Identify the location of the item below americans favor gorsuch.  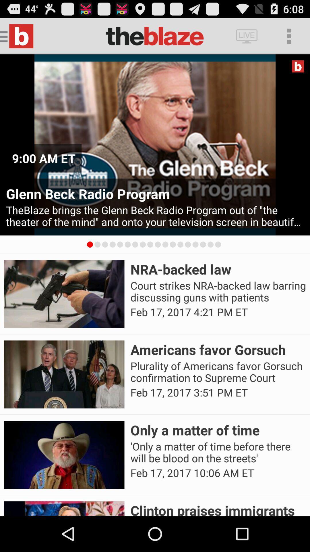
(218, 372).